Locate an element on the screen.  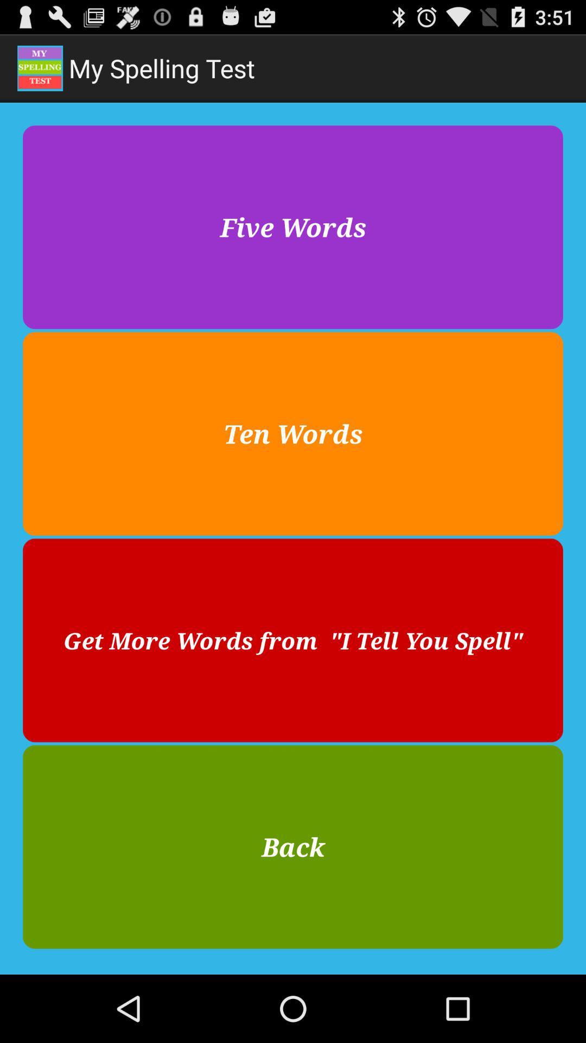
the icon above ten words button is located at coordinates (293, 227).